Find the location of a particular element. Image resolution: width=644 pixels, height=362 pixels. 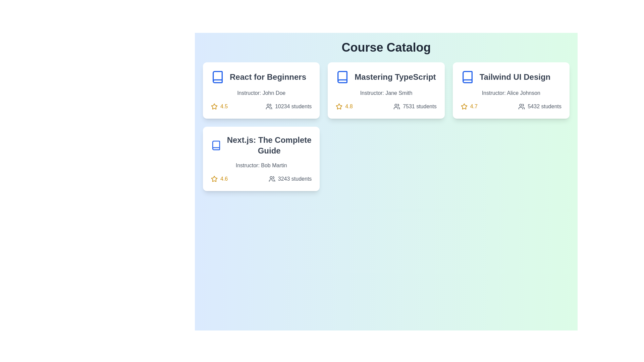

text 'Next.js: The Complete Guide' styled in a bold large font, located in the lower-left card of the grid view under the heading 'Course Catalog' is located at coordinates (269, 145).